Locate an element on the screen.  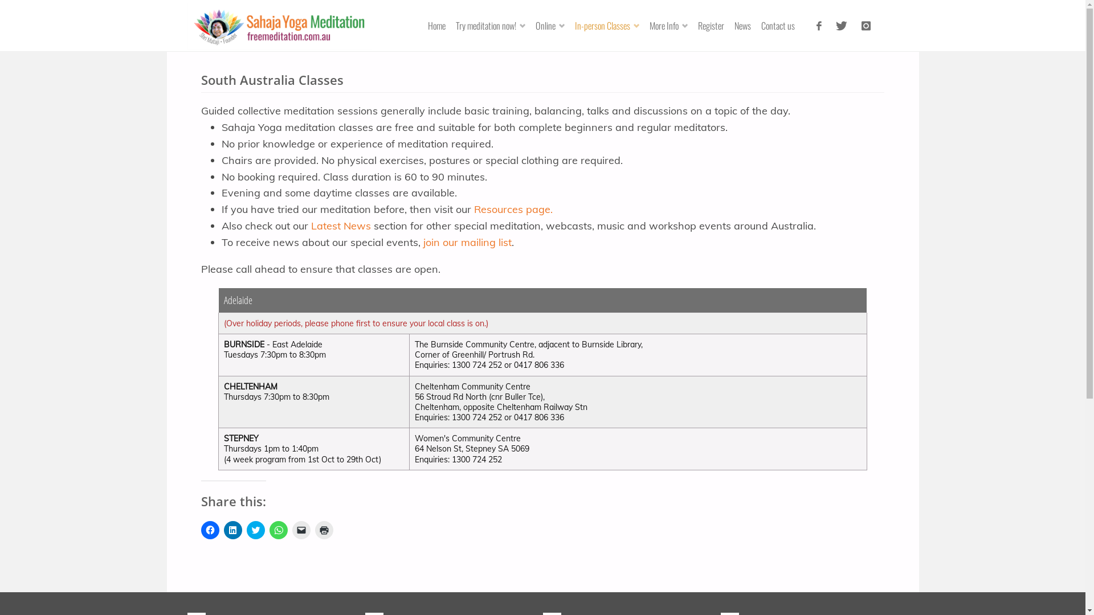
'Click to share on LinkedIn (Opens in new window)' is located at coordinates (232, 530).